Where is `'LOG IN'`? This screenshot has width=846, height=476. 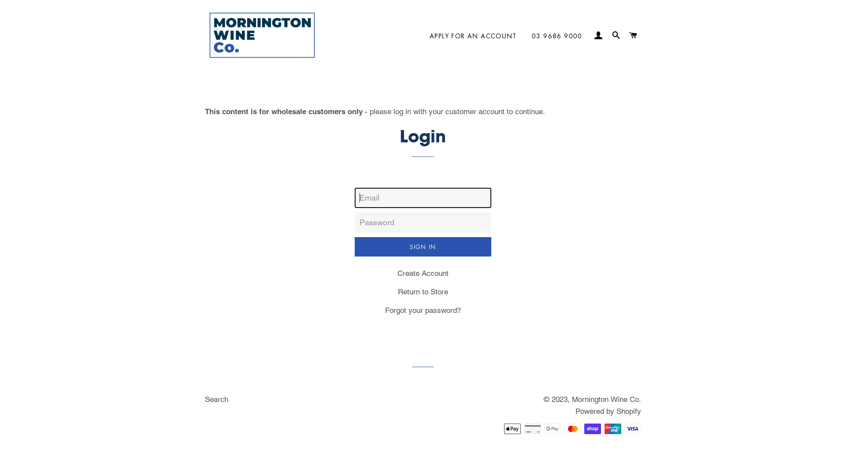 'LOG IN' is located at coordinates (591, 35).